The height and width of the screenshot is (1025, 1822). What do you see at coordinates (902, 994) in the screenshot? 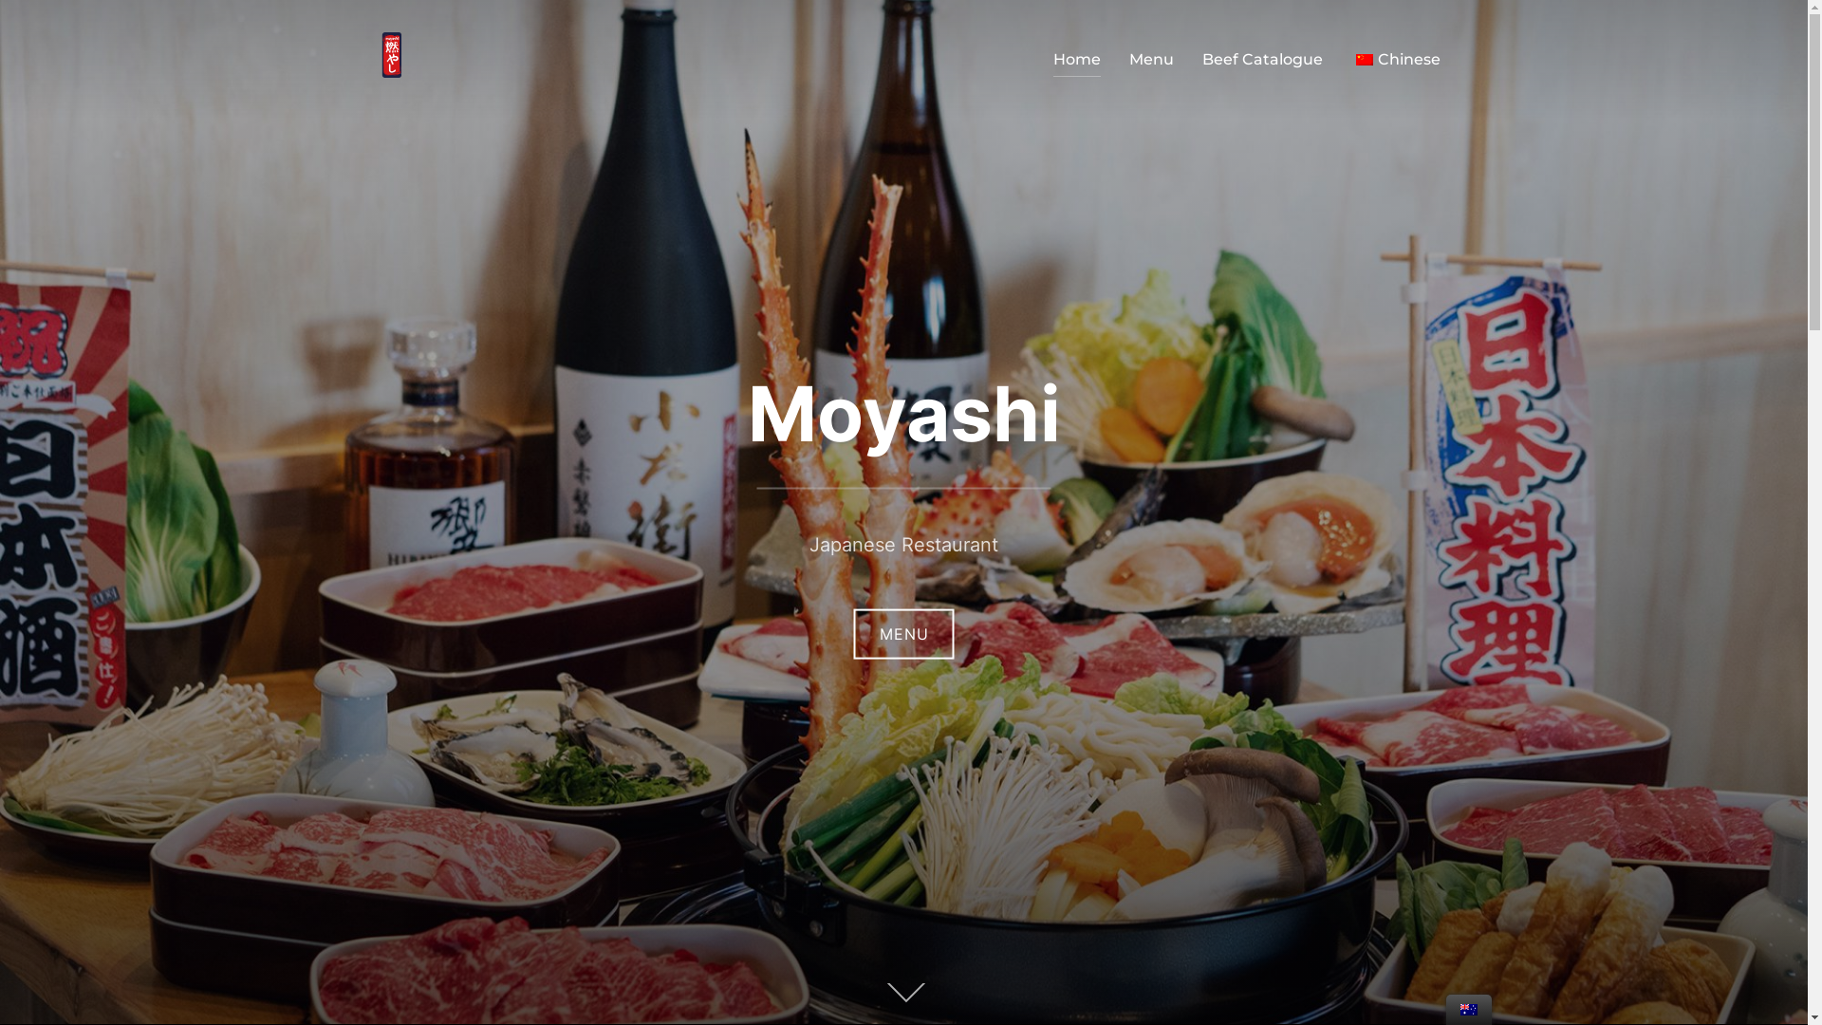
I see `'Scroll down to content'` at bounding box center [902, 994].